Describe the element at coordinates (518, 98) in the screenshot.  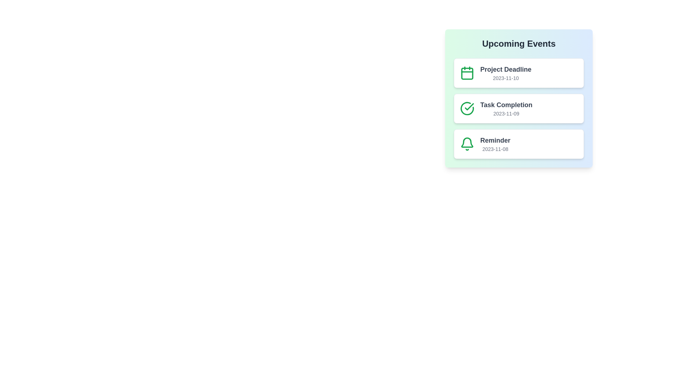
I see `the ModernList component to open the context menu` at that location.